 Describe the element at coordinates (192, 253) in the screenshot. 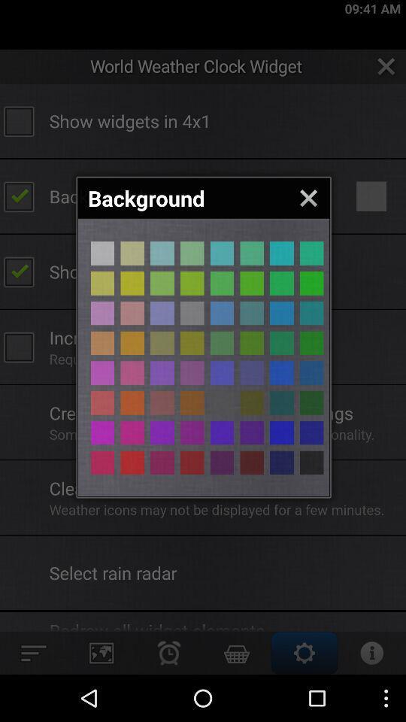

I see `different colour page` at that location.